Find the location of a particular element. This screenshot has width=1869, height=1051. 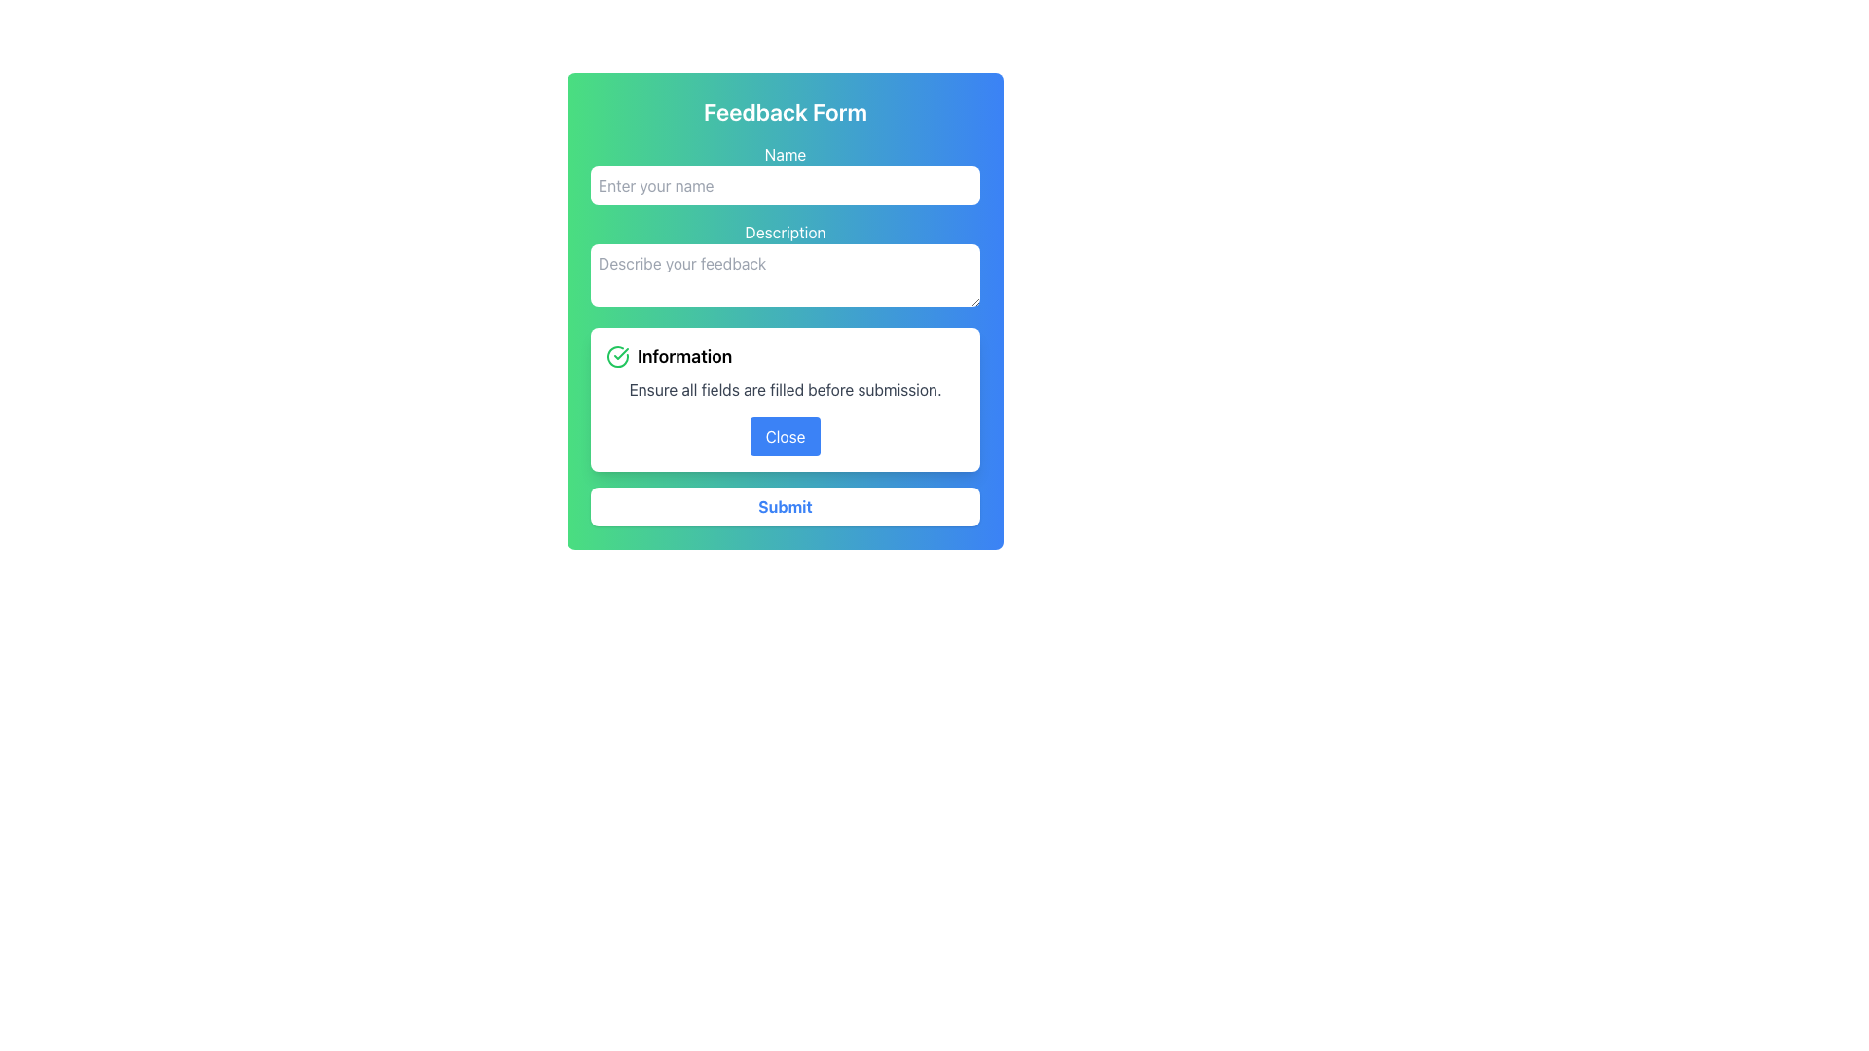

the text input field for the user's name in the 'Feedback Form' to focus on it is located at coordinates (785, 172).